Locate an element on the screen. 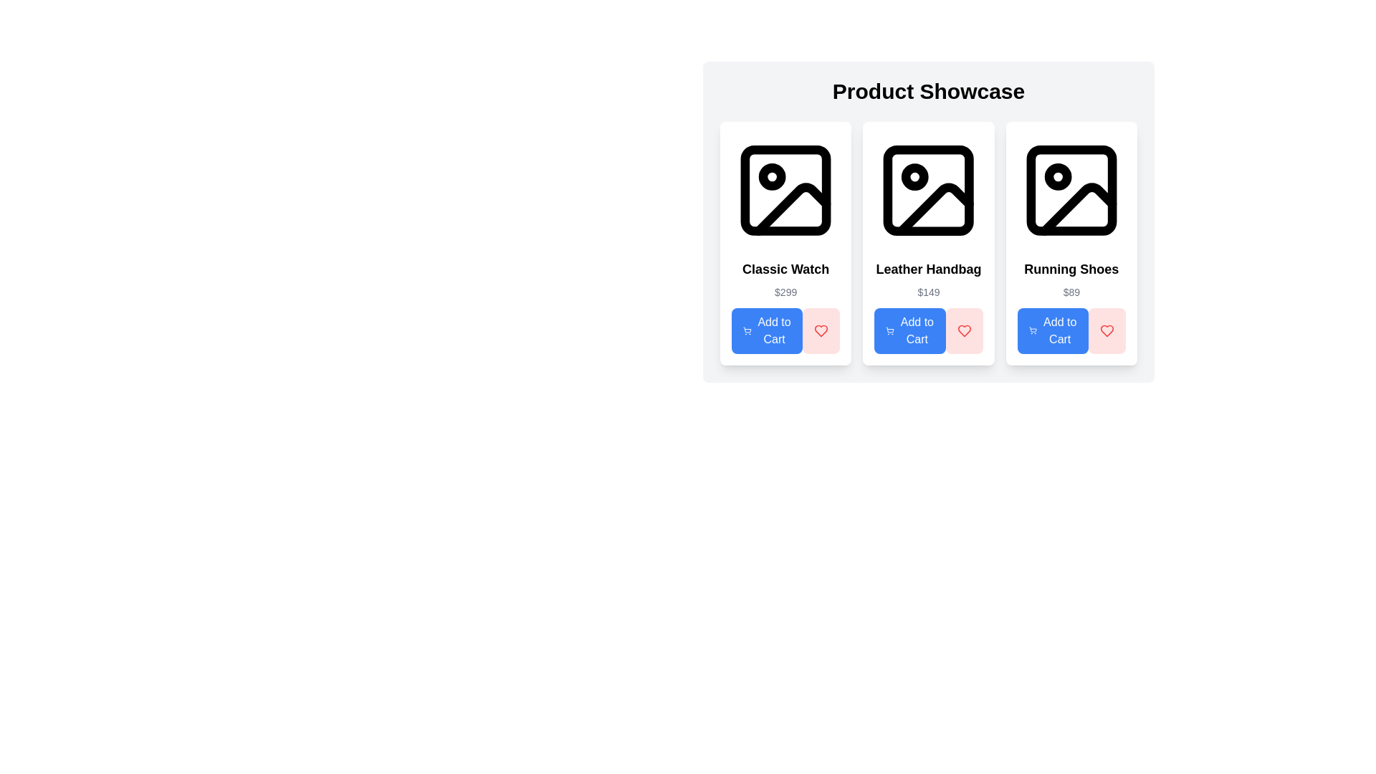  the shopping cart icon located to the left of the 'Add to Cart' button in the middle column of the product showcase is located at coordinates (889, 331).